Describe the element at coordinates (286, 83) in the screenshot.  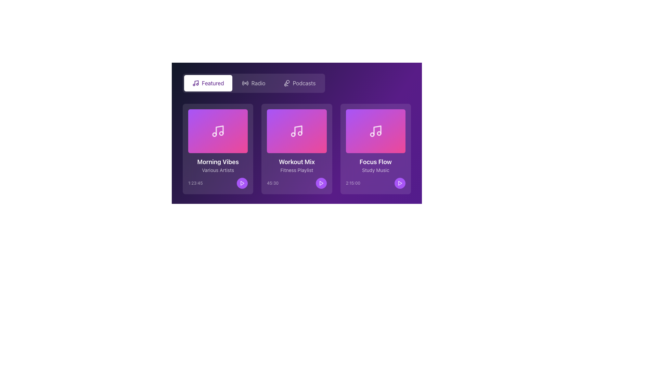
I see `the microphone icon located to the left of the 'Podcasts' text in the header section of the user interface` at that location.